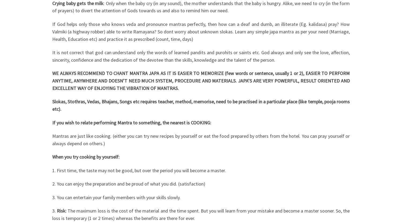 Image resolution: width=402 pixels, height=224 pixels. What do you see at coordinates (78, 3) in the screenshot?
I see `'Crying baby gets the milk'` at bounding box center [78, 3].